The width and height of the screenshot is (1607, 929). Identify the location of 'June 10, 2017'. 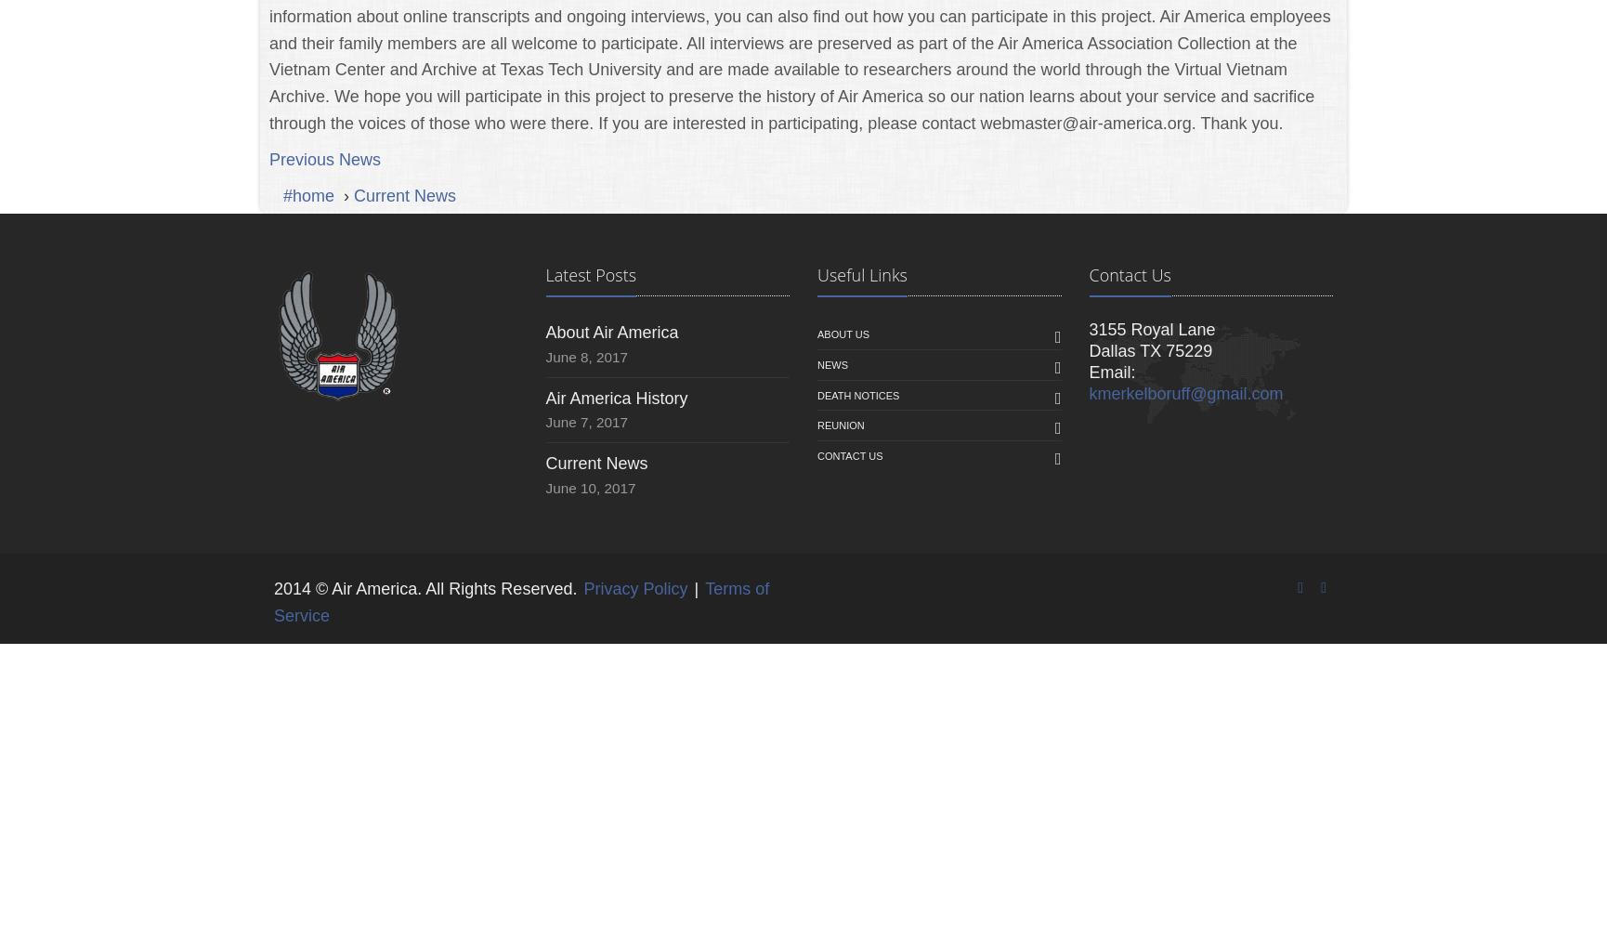
(590, 487).